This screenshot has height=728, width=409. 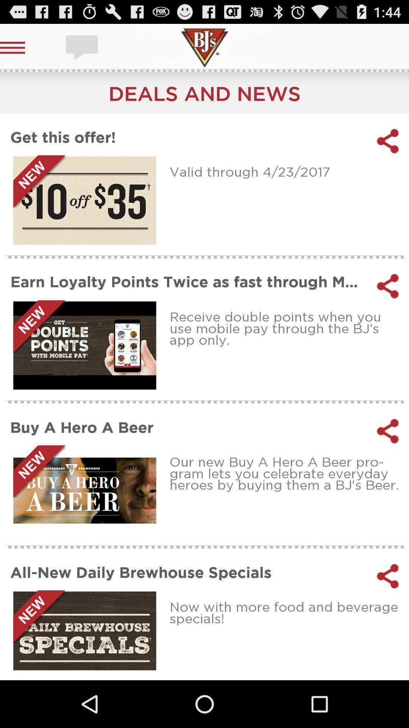 I want to click on share option, so click(x=388, y=431).